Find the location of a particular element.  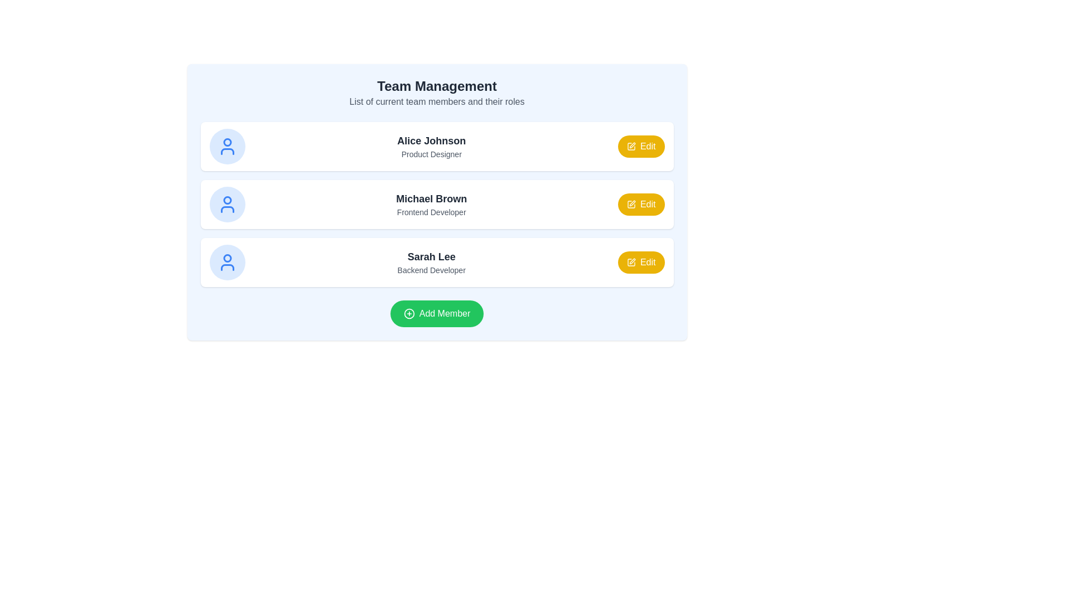

the circular user profile icon in the second entry of the Team Management list is located at coordinates (226, 200).